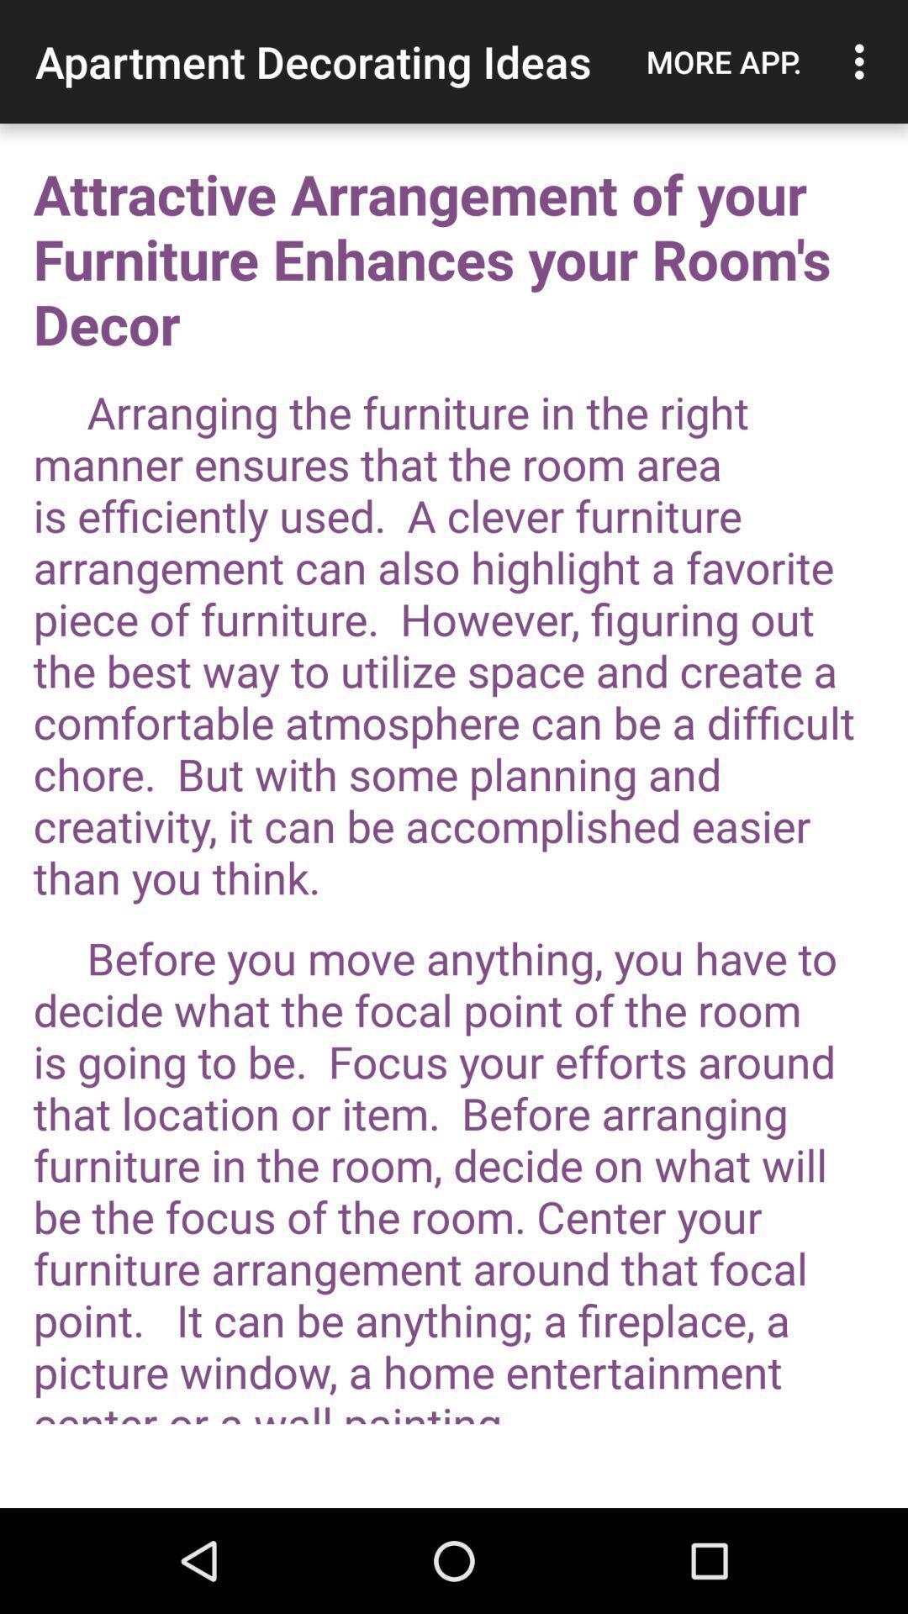 Image resolution: width=908 pixels, height=1614 pixels. What do you see at coordinates (863, 61) in the screenshot?
I see `item next to more app. item` at bounding box center [863, 61].